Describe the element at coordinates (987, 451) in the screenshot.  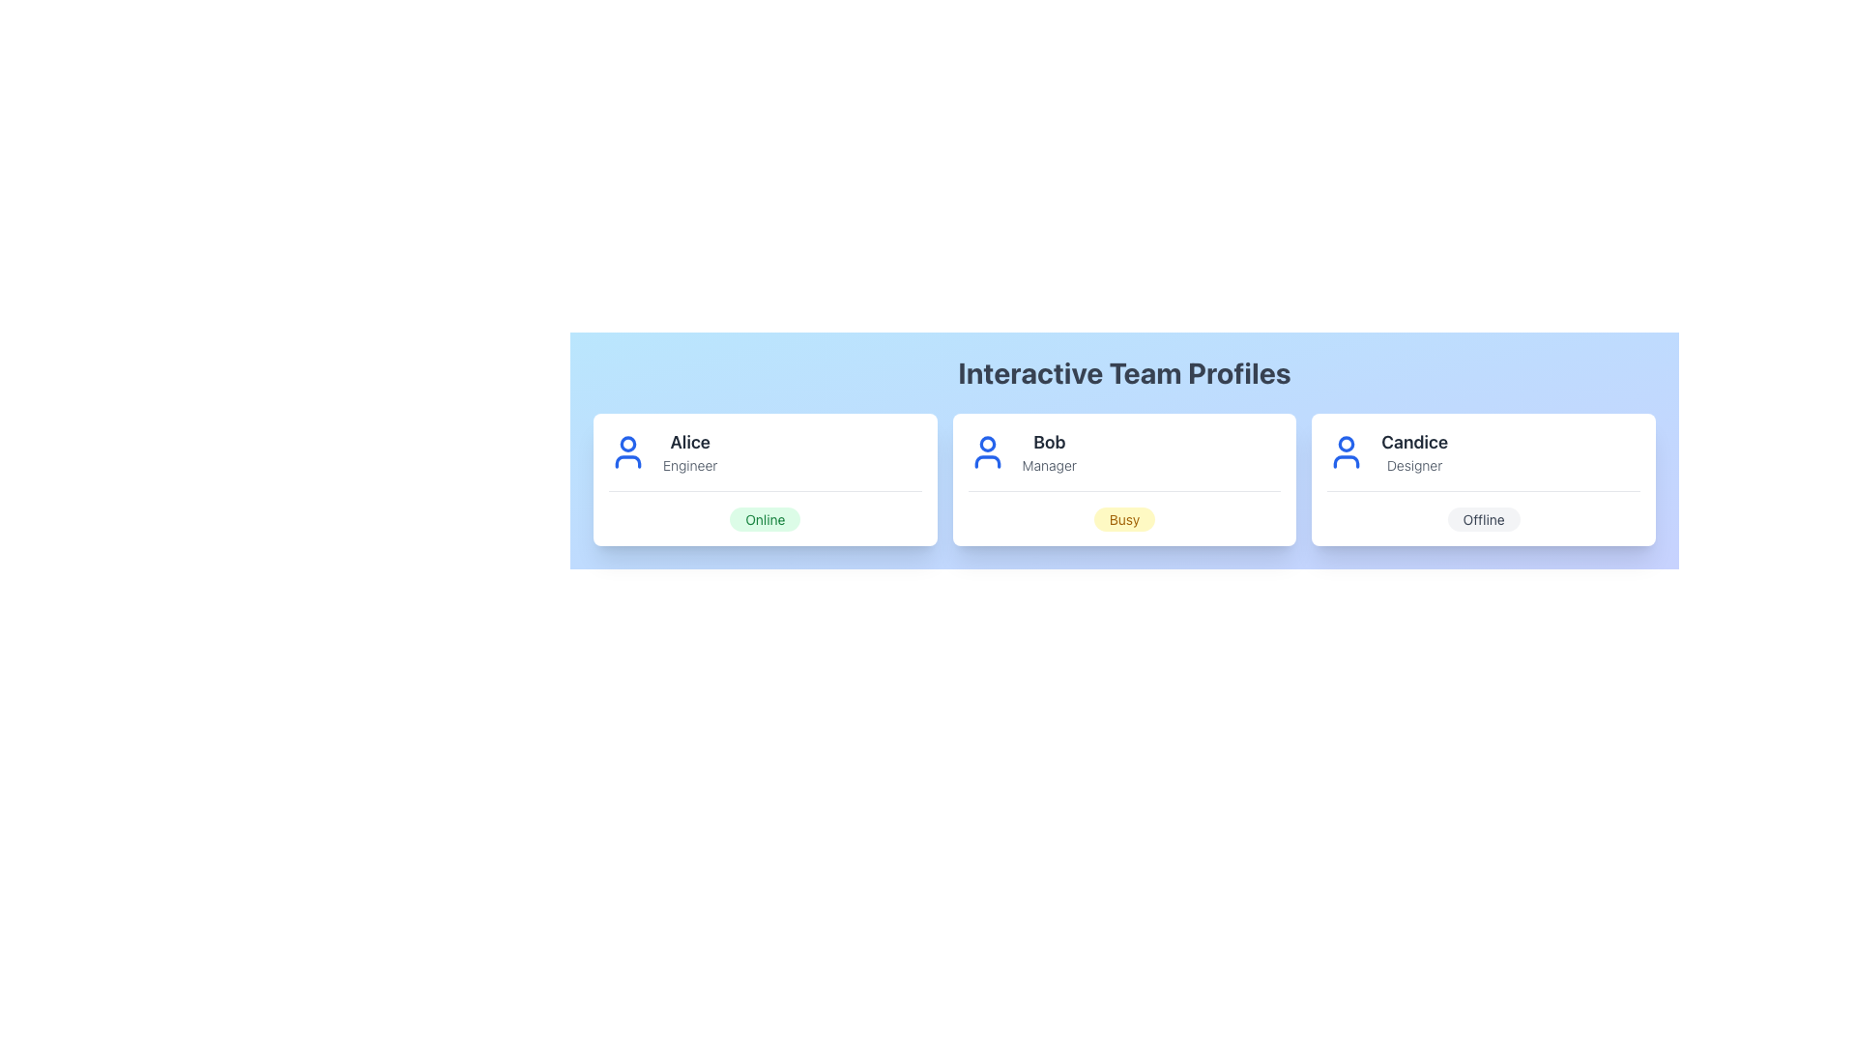
I see `the blue user icon representing a person, which is located in the second profile card from the left, positioned above the name 'Bob' and the role 'Manager'` at that location.